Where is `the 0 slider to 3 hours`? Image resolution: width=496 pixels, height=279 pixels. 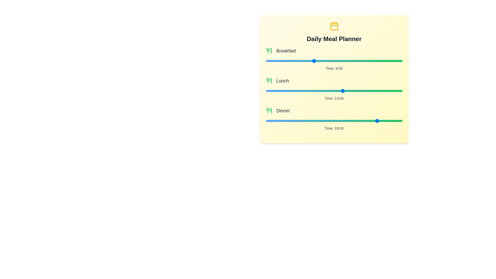 the 0 slider to 3 hours is located at coordinates (352, 60).